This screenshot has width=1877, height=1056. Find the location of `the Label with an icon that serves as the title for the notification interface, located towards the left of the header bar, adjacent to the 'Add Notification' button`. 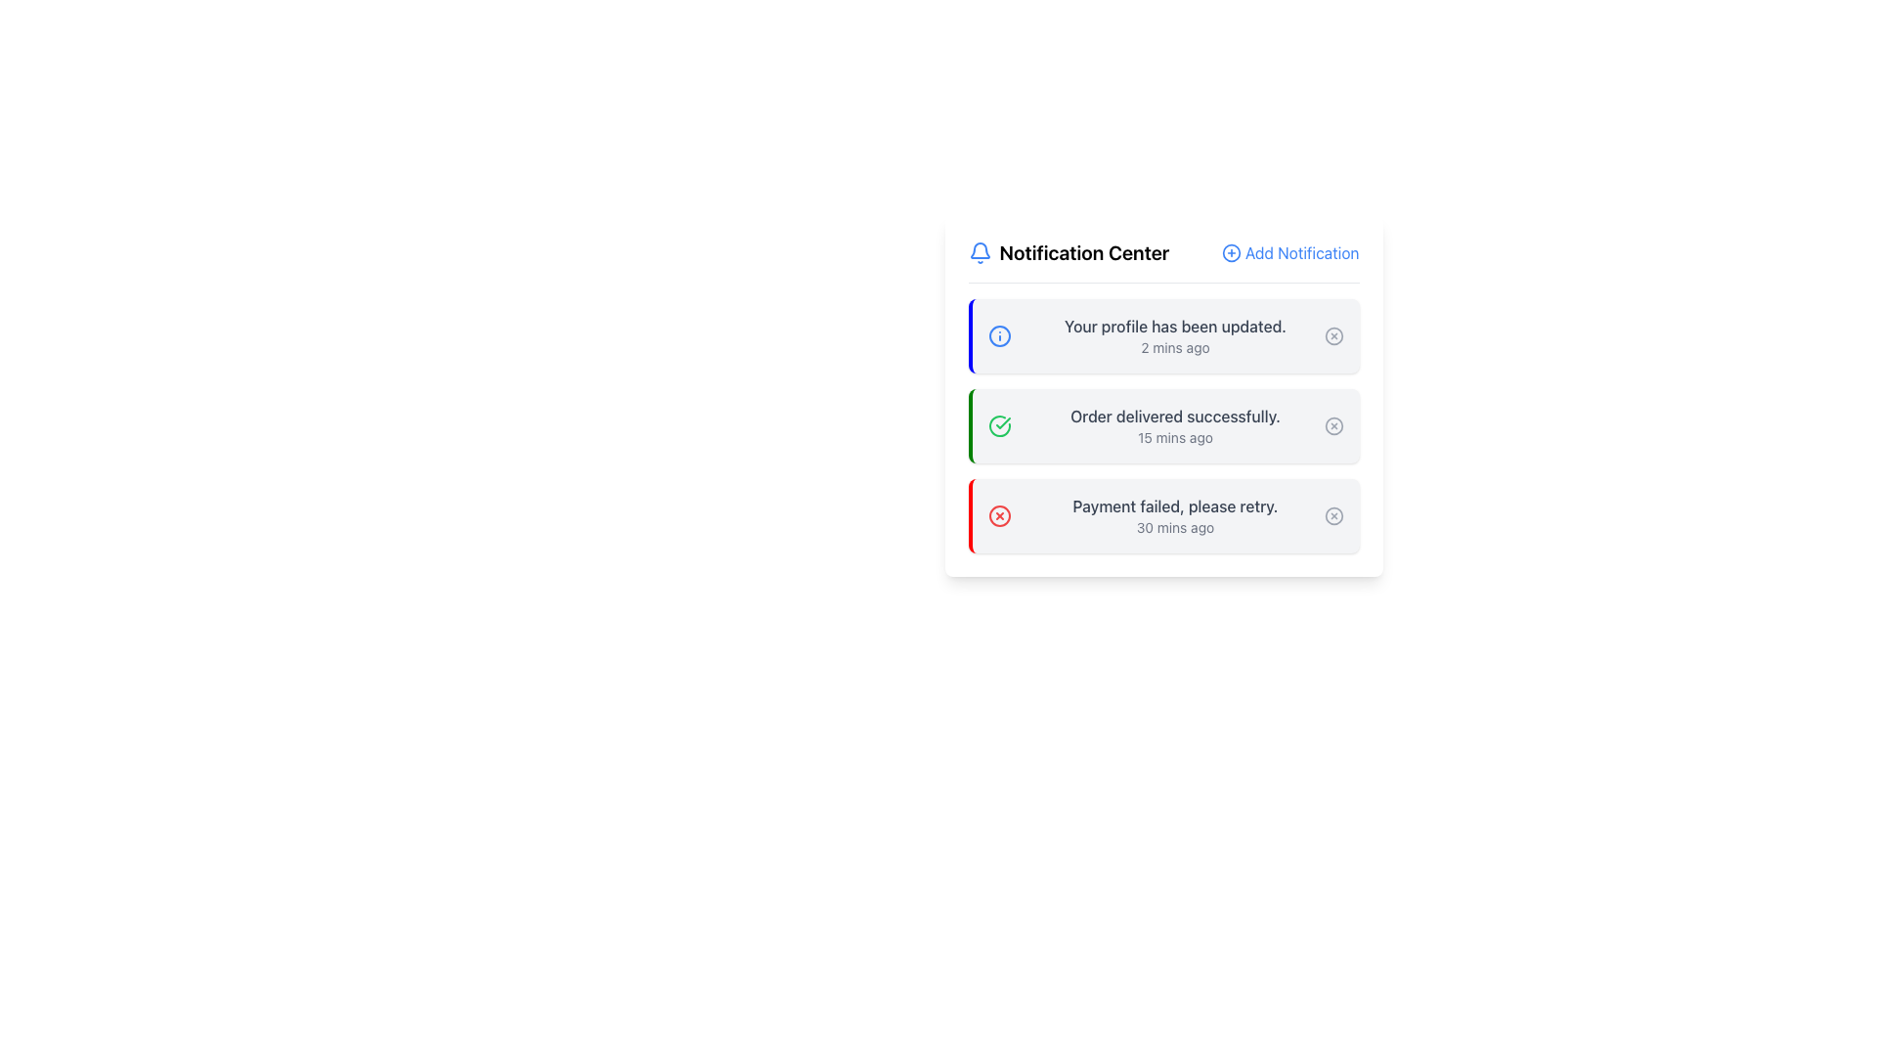

the Label with an icon that serves as the title for the notification interface, located towards the left of the header bar, adjacent to the 'Add Notification' button is located at coordinates (1068, 251).